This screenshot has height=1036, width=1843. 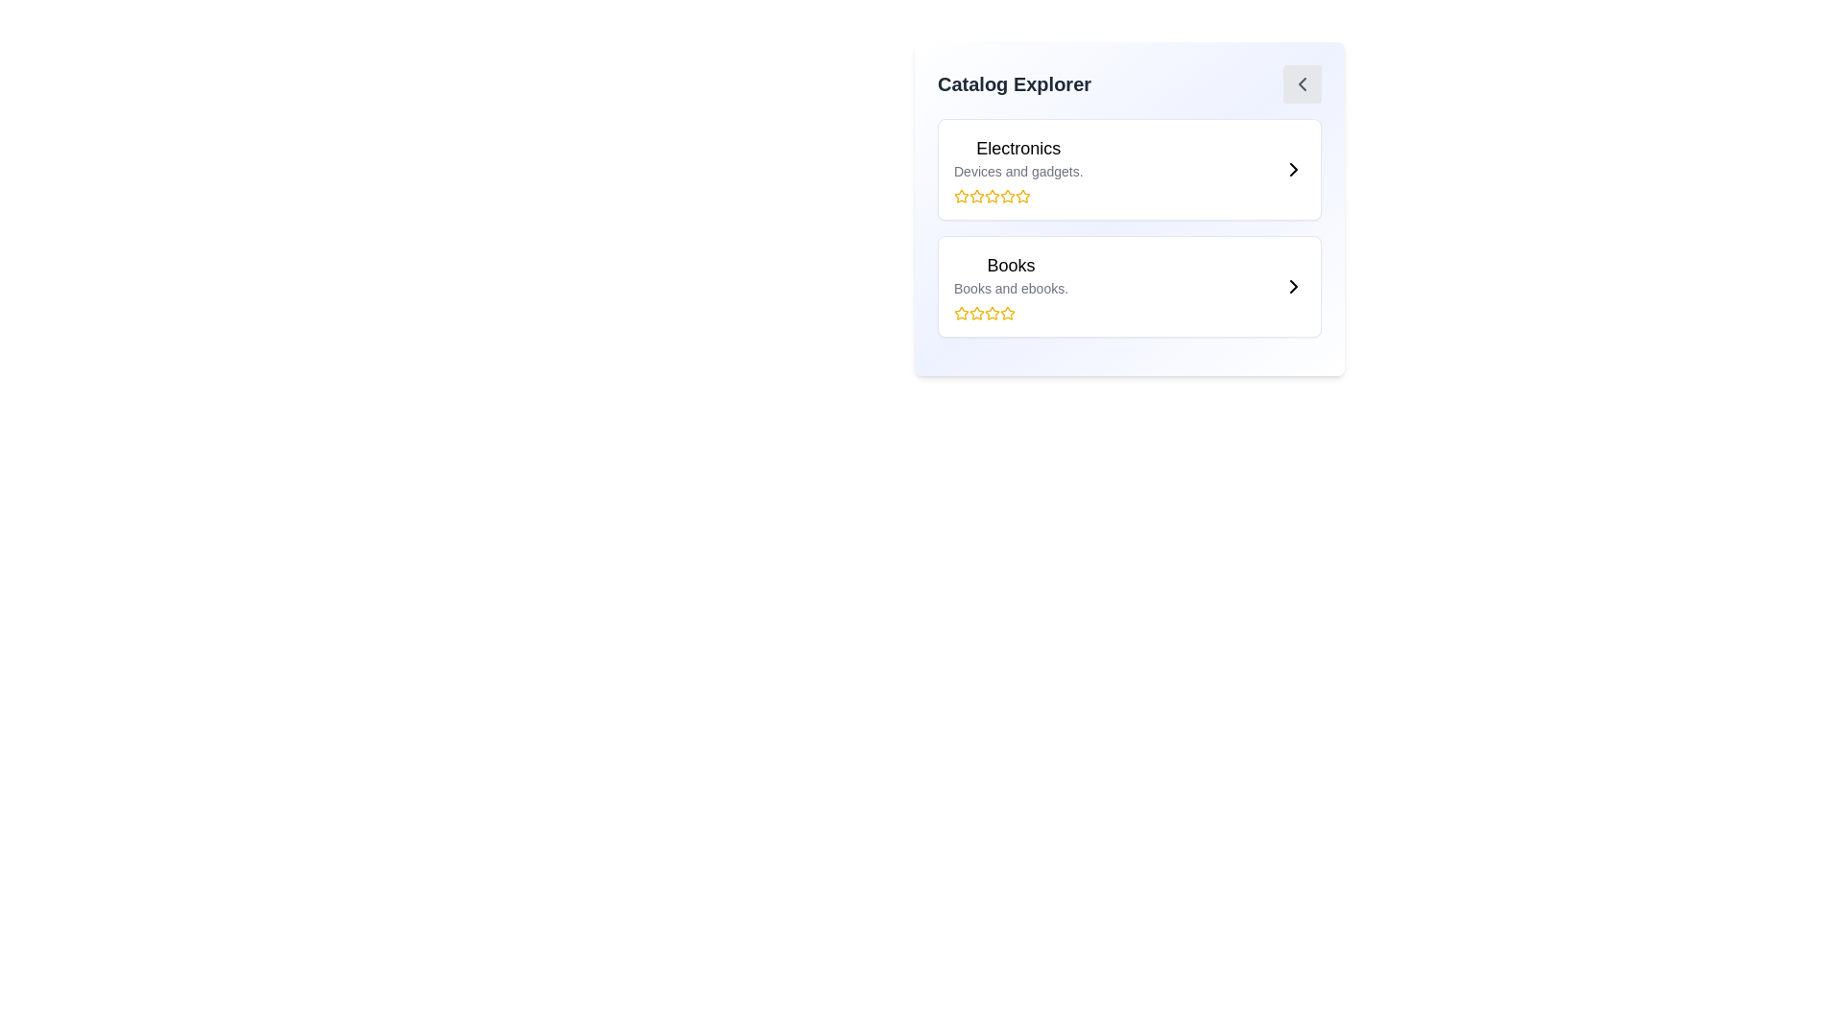 I want to click on the third star icon with a hollow center and gold-colored outline, so click(x=1007, y=312).